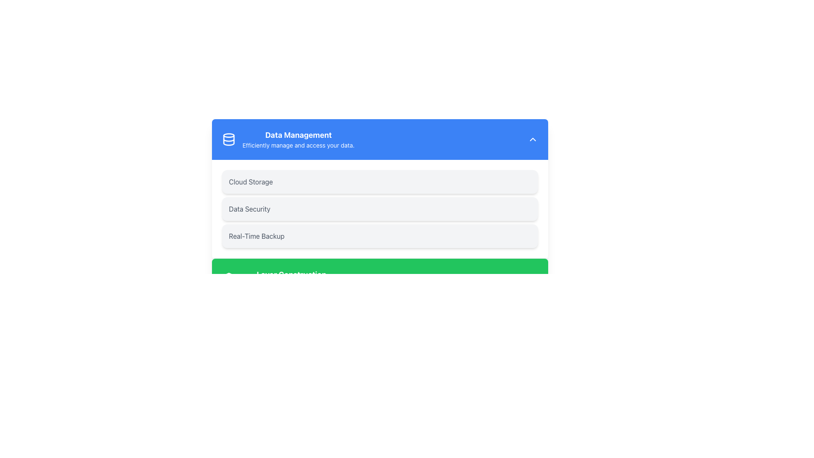 This screenshot has height=458, width=814. Describe the element at coordinates (249, 209) in the screenshot. I see `text from the 'Data Security' label, which is a gray, medium-sized text label located in the second entry of a vertical list within the 'Data Management' card` at that location.